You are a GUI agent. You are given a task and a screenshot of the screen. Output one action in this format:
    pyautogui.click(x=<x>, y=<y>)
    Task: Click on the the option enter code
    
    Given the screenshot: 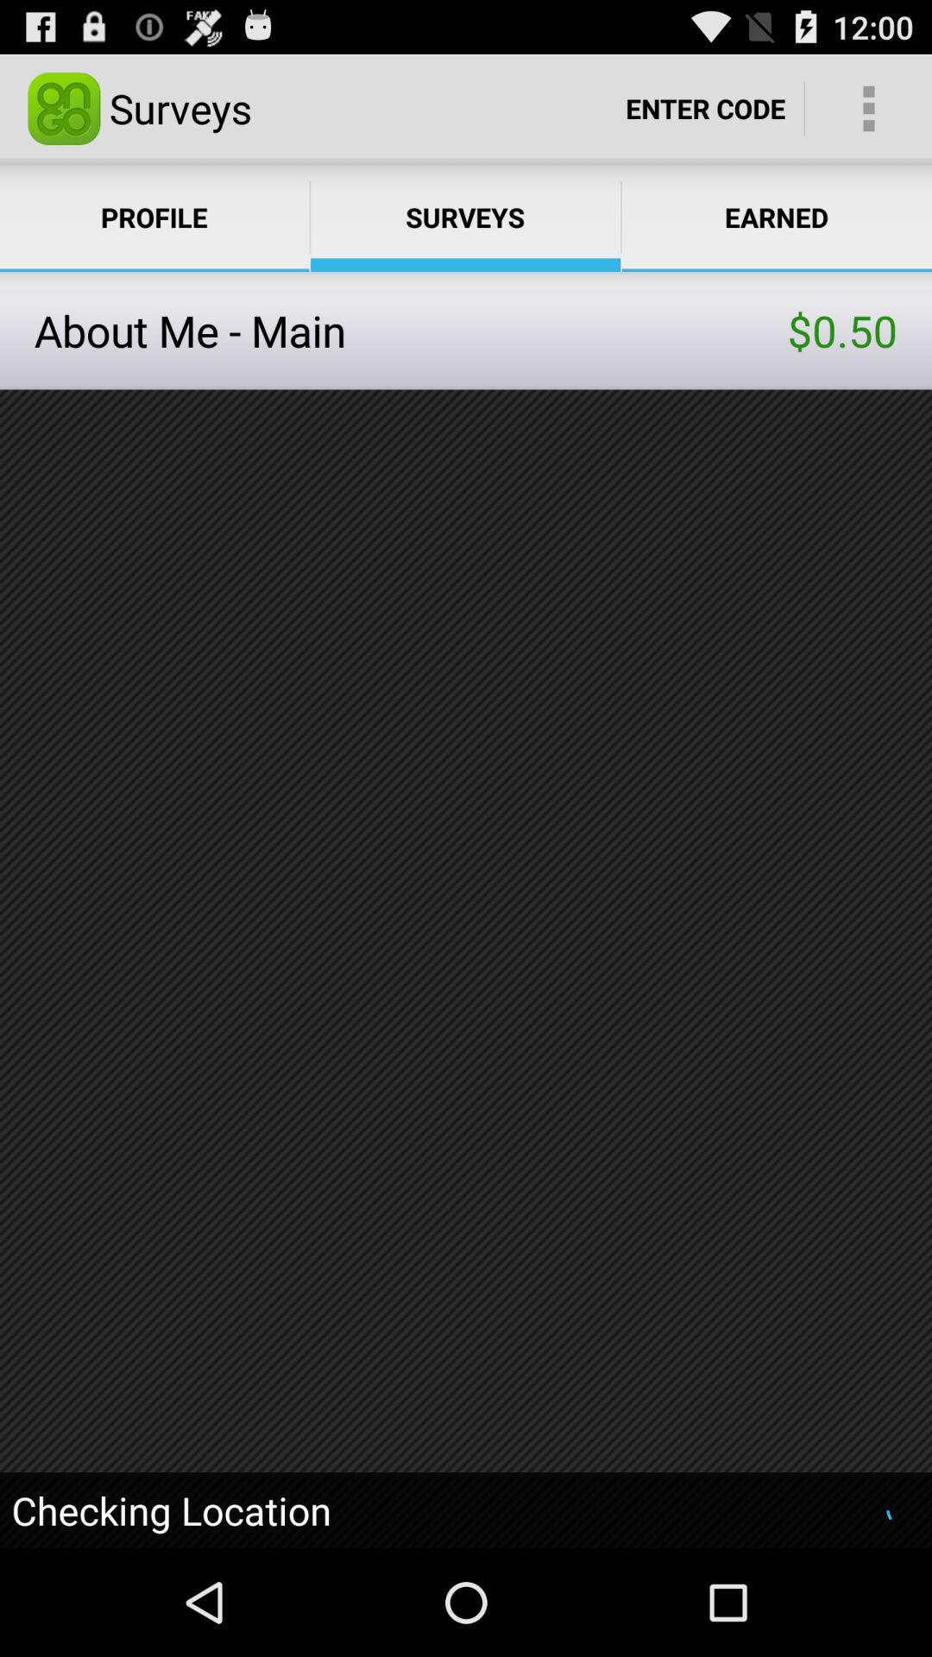 What is the action you would take?
    pyautogui.click(x=705, y=107)
    